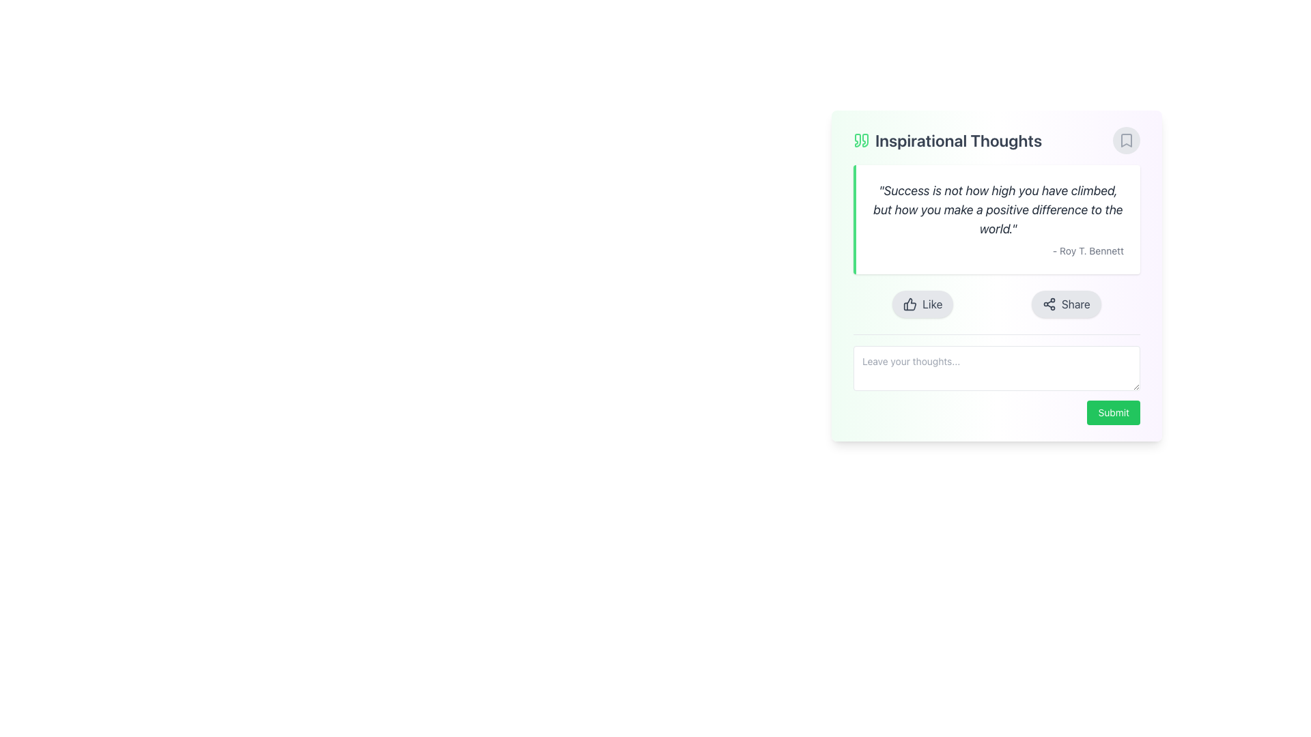 This screenshot has height=737, width=1311. What do you see at coordinates (861, 140) in the screenshot?
I see `the green quotation marks SVG icon located to the left of the title 'Inspirational Thoughts'` at bounding box center [861, 140].